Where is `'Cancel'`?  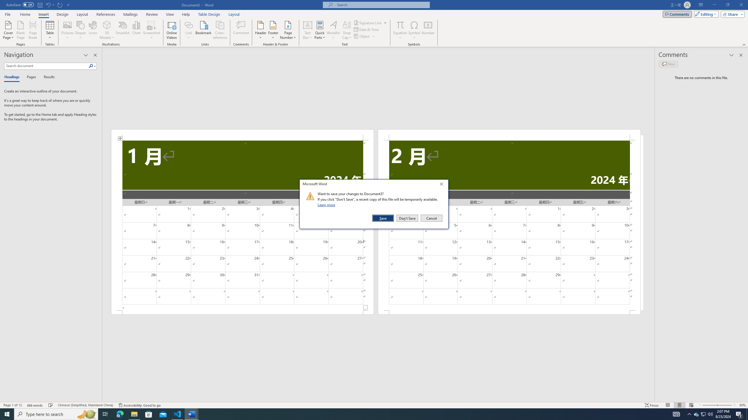
'Cancel' is located at coordinates (431, 218).